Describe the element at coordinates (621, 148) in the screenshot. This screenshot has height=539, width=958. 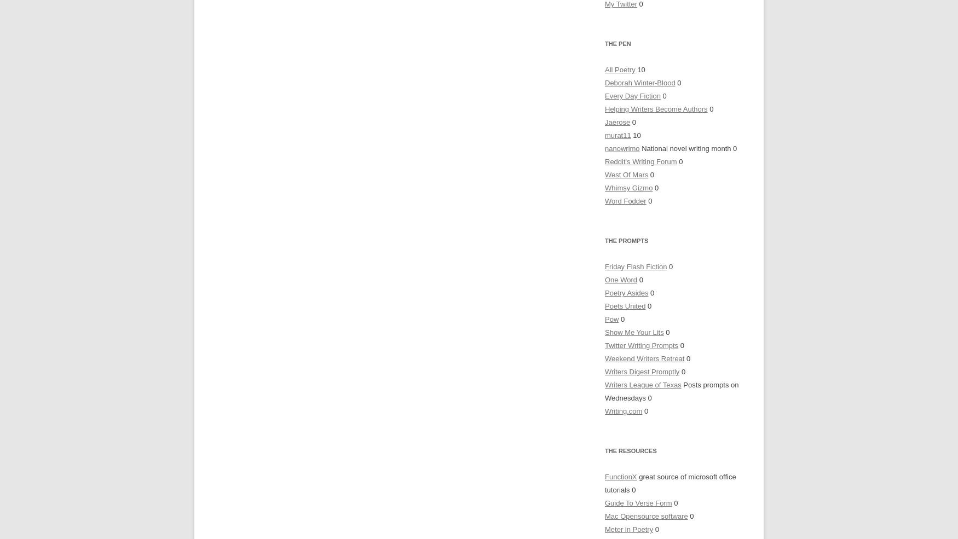
I see `'nanowrimo'` at that location.